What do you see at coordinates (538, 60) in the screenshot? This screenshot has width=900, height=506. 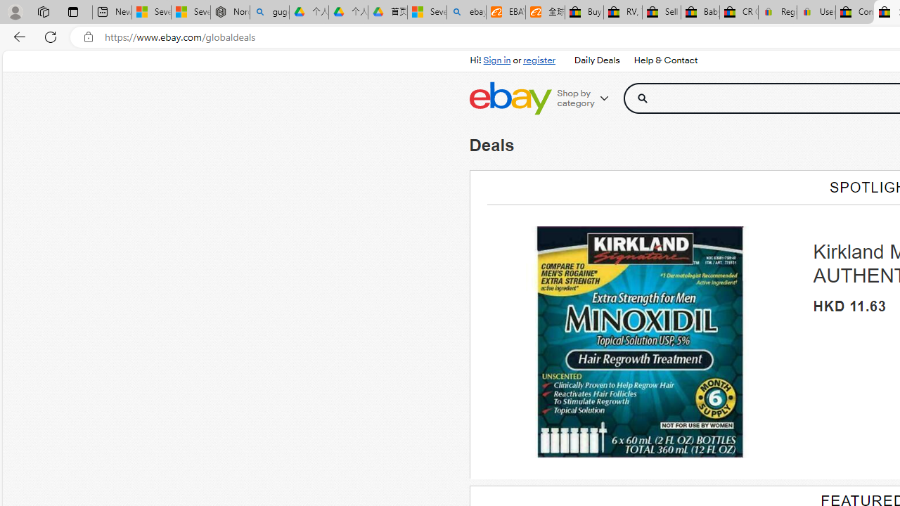 I see `'register'` at bounding box center [538, 60].